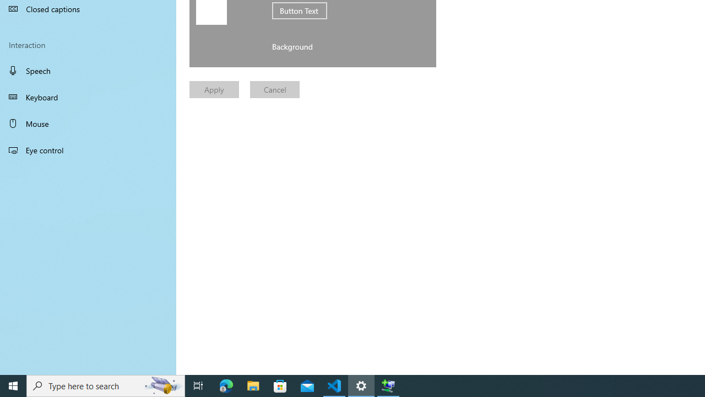  What do you see at coordinates (280, 385) in the screenshot?
I see `'Microsoft Store'` at bounding box center [280, 385].